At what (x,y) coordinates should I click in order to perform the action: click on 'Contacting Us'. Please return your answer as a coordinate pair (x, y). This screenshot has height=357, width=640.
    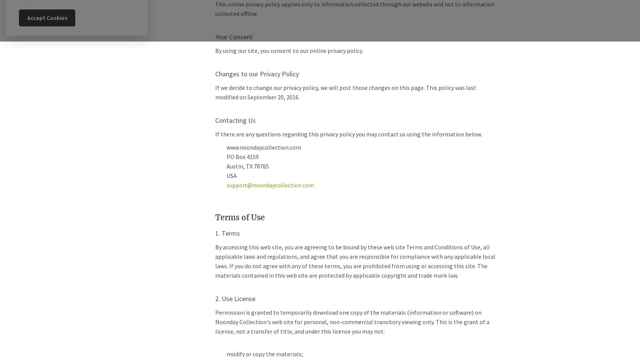
    Looking at the image, I should click on (235, 120).